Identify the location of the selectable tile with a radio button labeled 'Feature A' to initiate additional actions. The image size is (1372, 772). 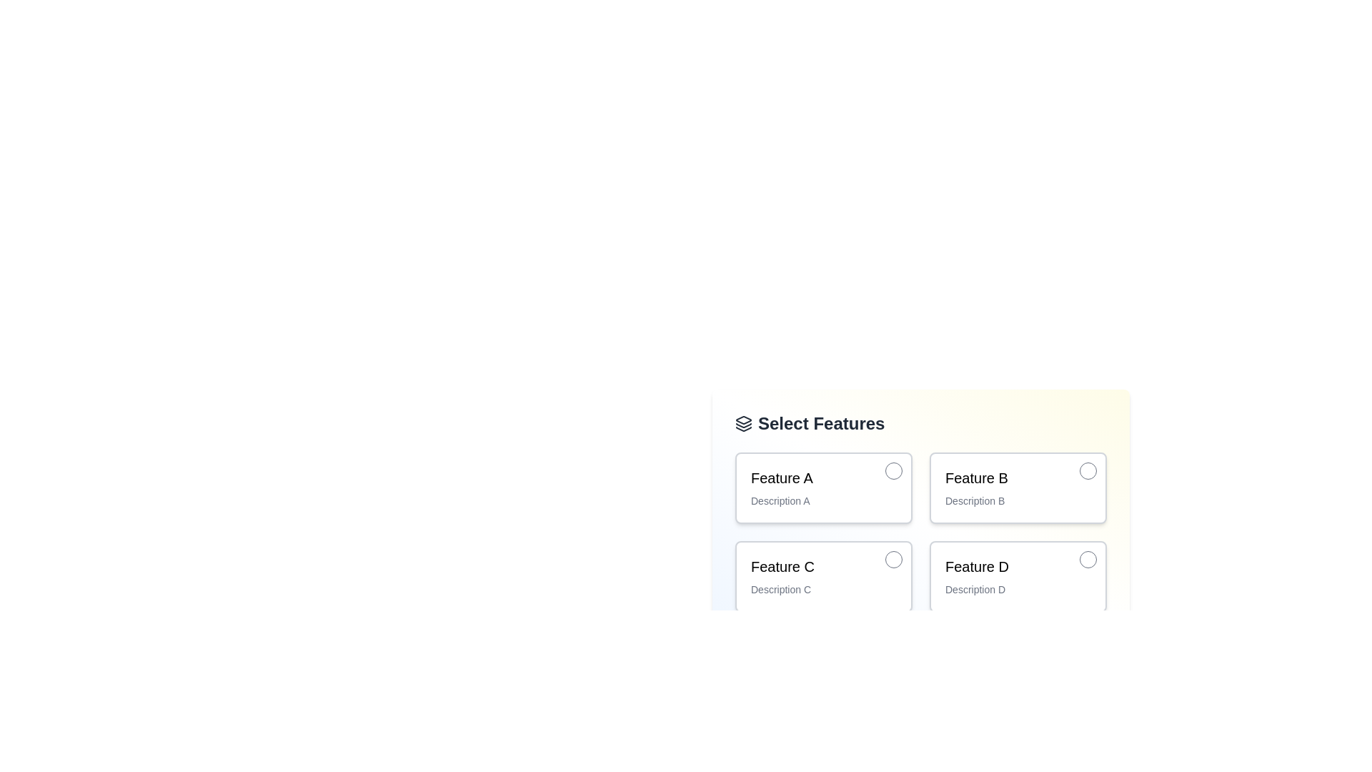
(823, 487).